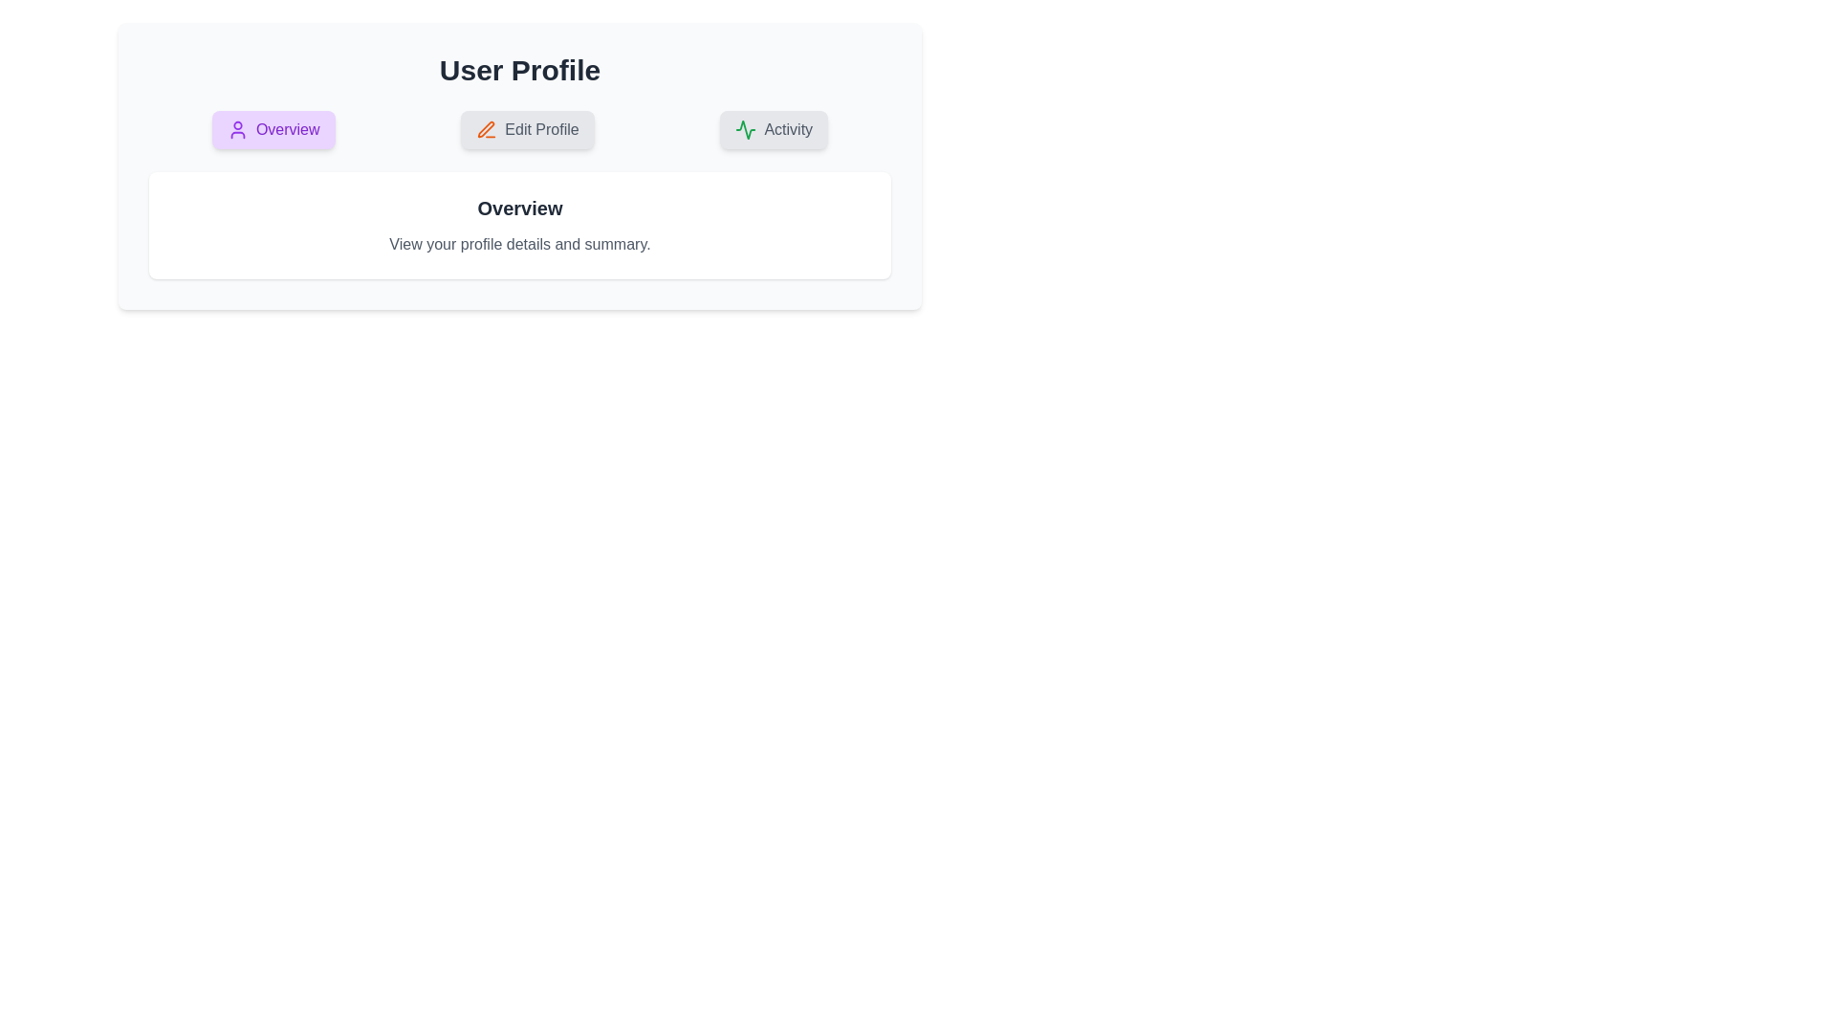  I want to click on the Activity tab by clicking on it, so click(775, 129).